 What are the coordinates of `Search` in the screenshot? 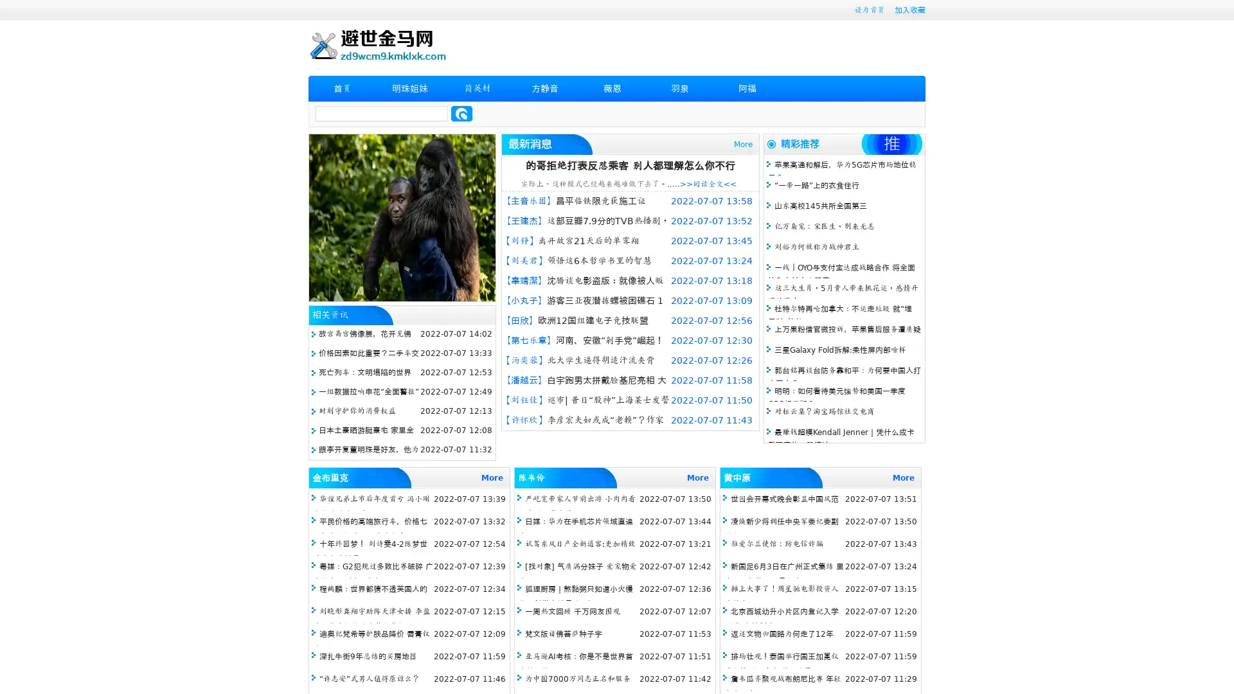 It's located at (461, 113).